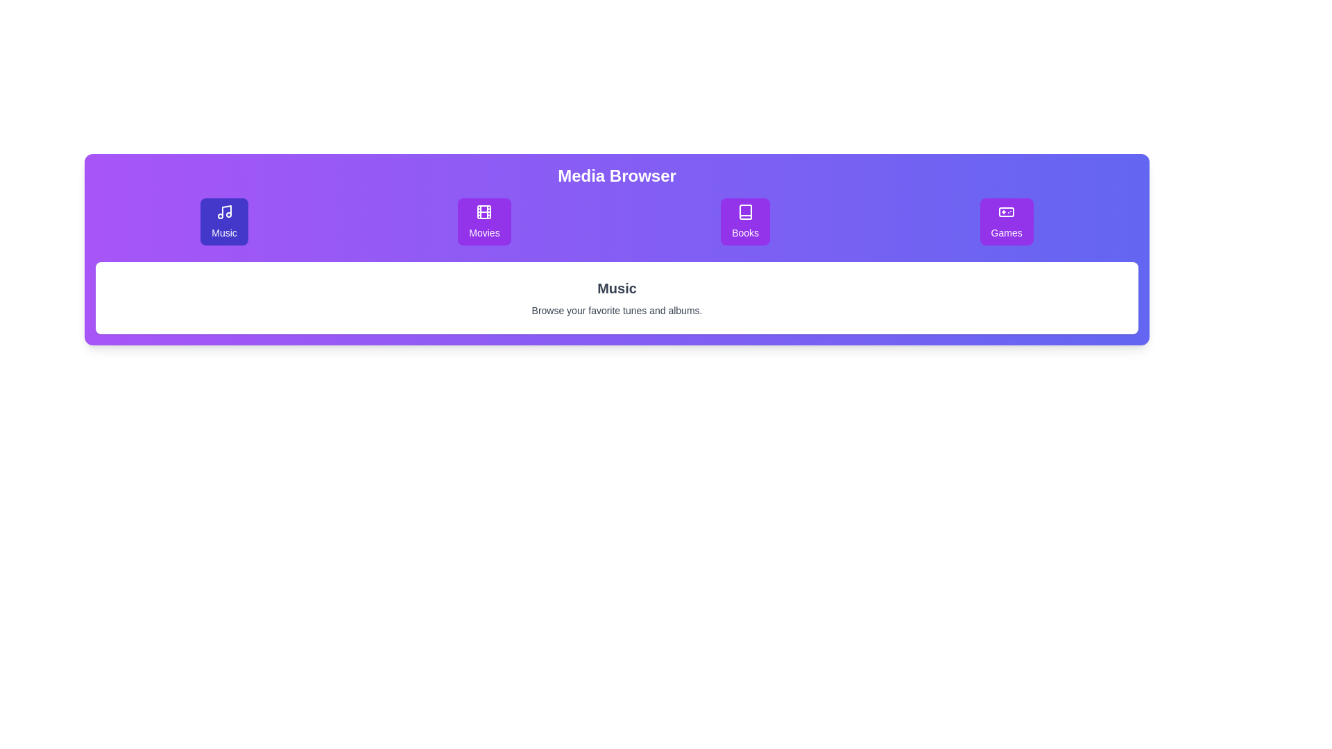 The image size is (1332, 749). What do you see at coordinates (484, 212) in the screenshot?
I see `the central rectangular shape of the 'Movies' icon, which represents a film strip's frame area` at bounding box center [484, 212].